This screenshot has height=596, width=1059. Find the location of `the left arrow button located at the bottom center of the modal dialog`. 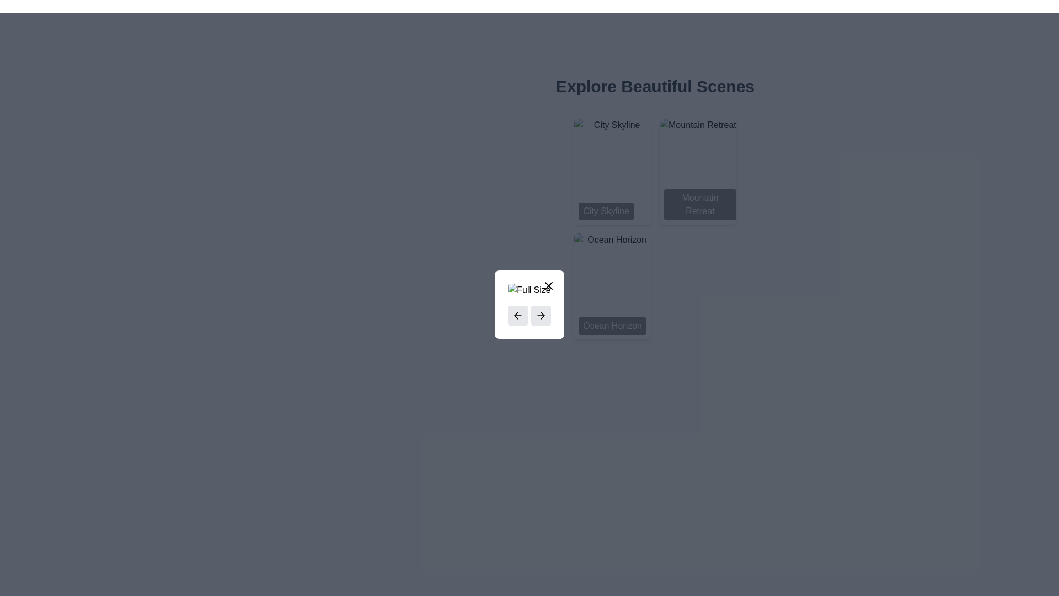

the left arrow button located at the bottom center of the modal dialog is located at coordinates (529, 304).